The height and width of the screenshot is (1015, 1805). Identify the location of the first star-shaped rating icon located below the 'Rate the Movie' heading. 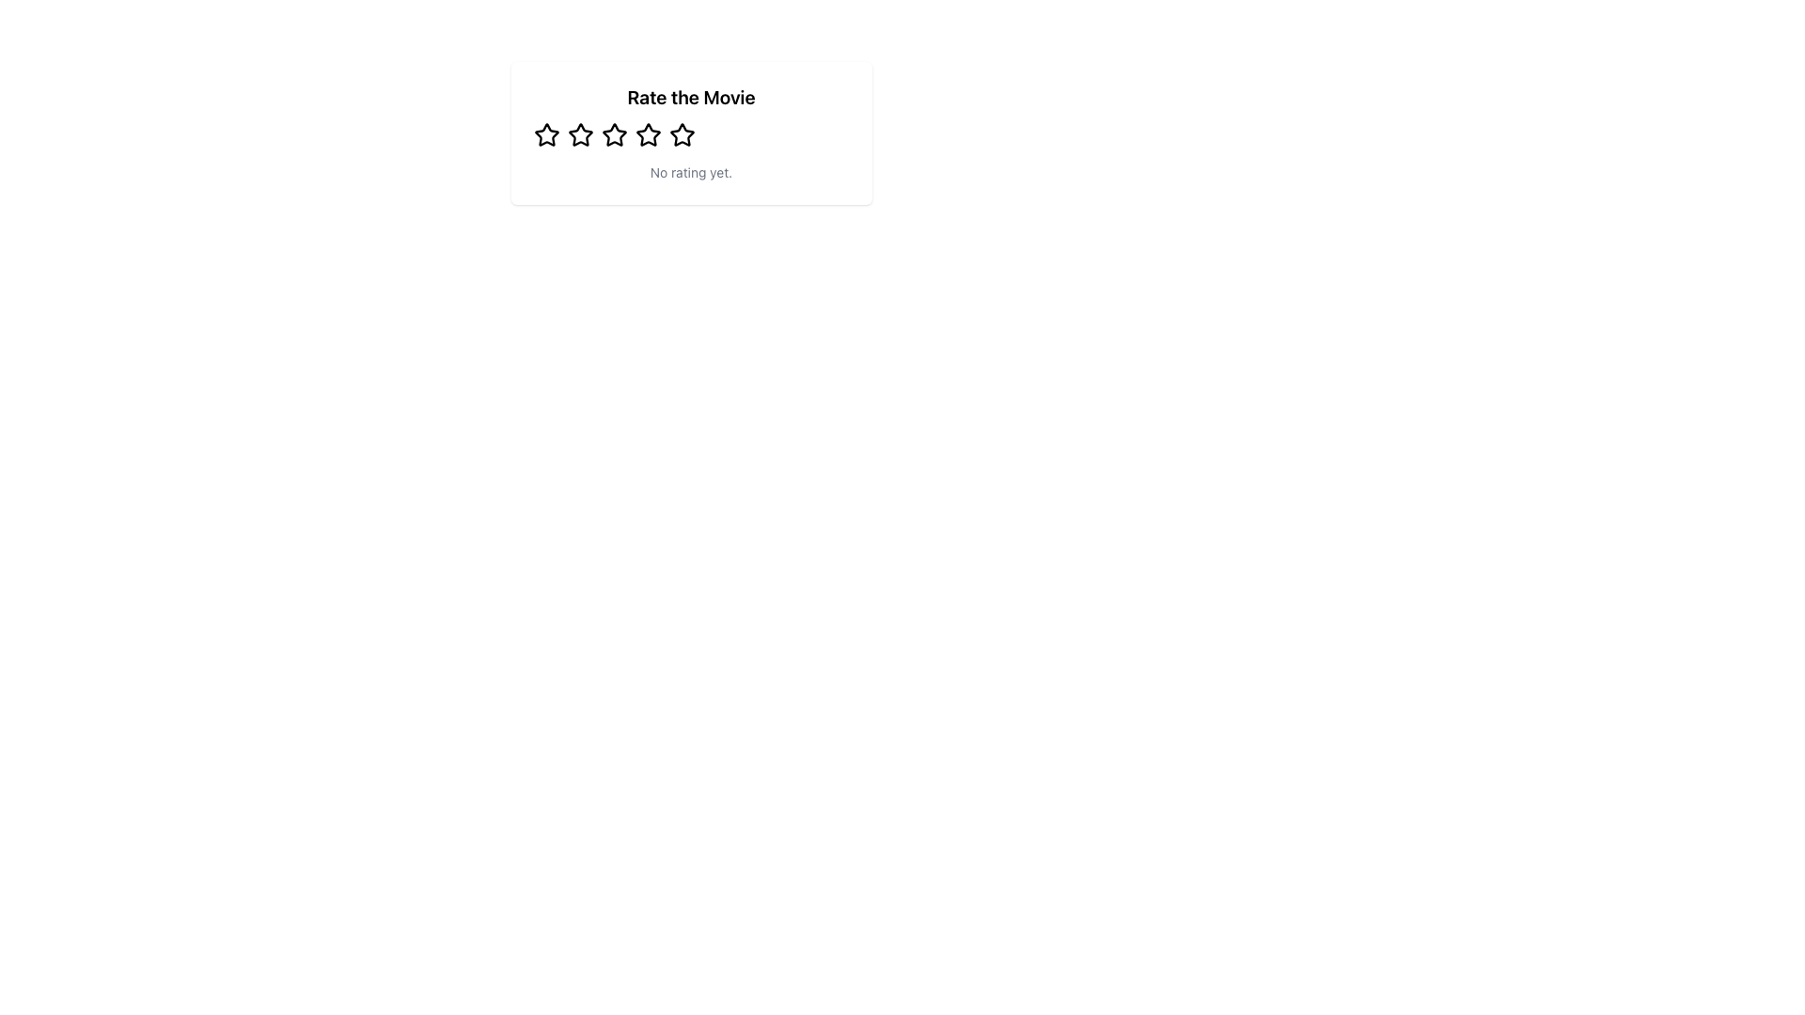
(579, 133).